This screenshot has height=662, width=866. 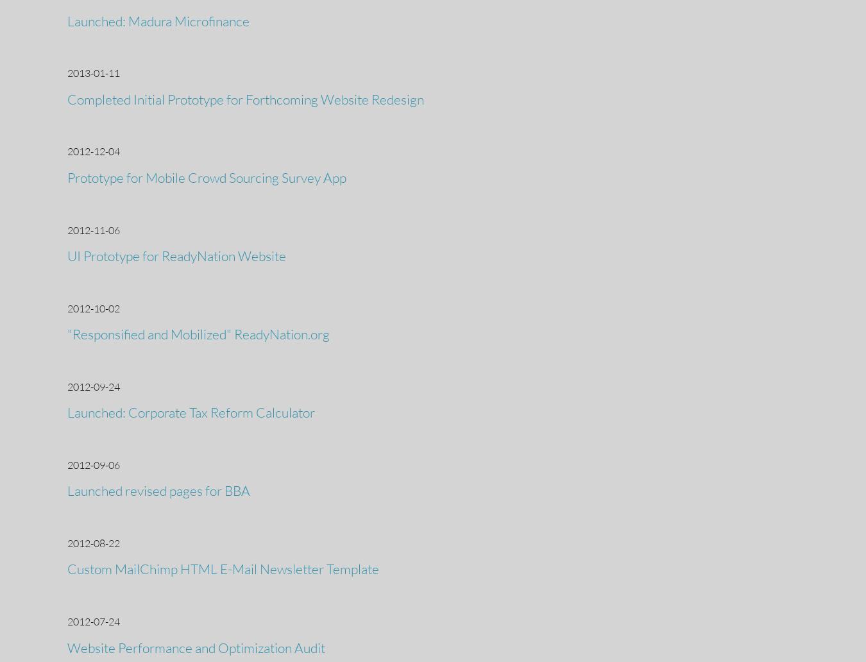 I want to click on '2012-11-06', so click(x=67, y=230).